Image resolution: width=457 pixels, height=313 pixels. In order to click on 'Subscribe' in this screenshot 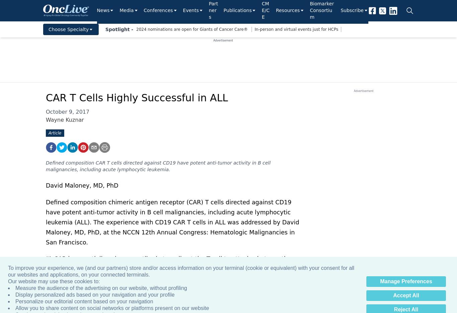, I will do `click(352, 10)`.